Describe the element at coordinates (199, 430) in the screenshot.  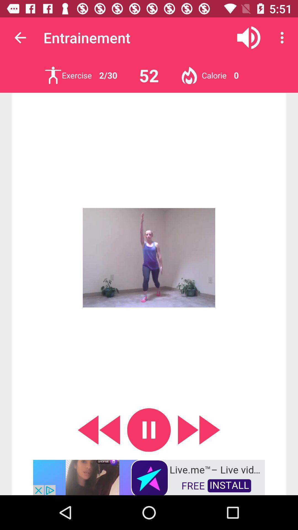
I see `skip forward` at that location.